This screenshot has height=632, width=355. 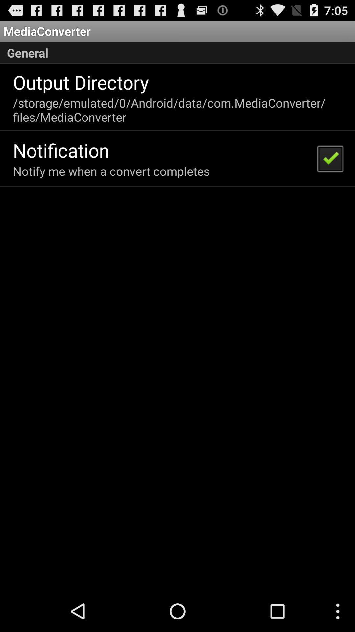 I want to click on the item at the top right corner, so click(x=330, y=158).